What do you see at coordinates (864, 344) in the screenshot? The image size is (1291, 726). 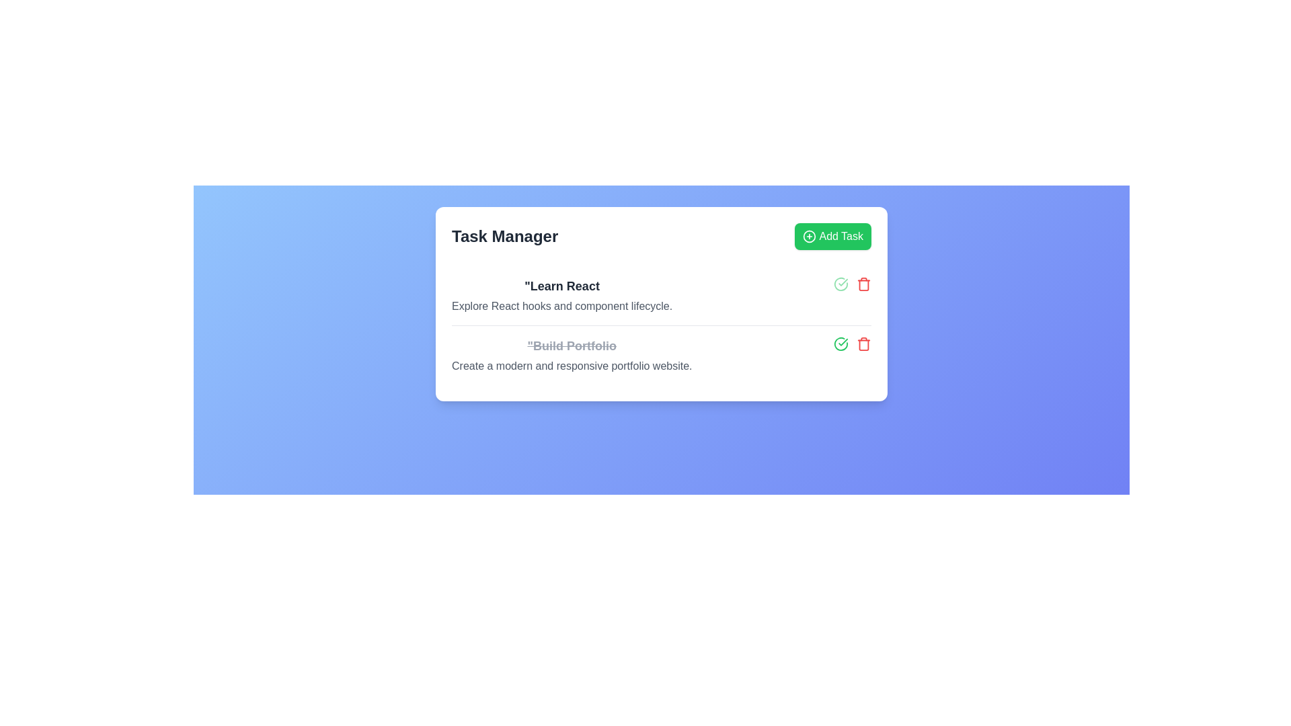 I see `the delete button located at the far right of the task list item, next to the green checkmark icon` at bounding box center [864, 344].